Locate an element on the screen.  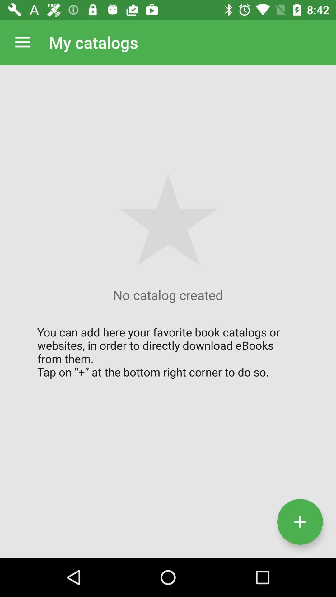
more is located at coordinates (300, 522).